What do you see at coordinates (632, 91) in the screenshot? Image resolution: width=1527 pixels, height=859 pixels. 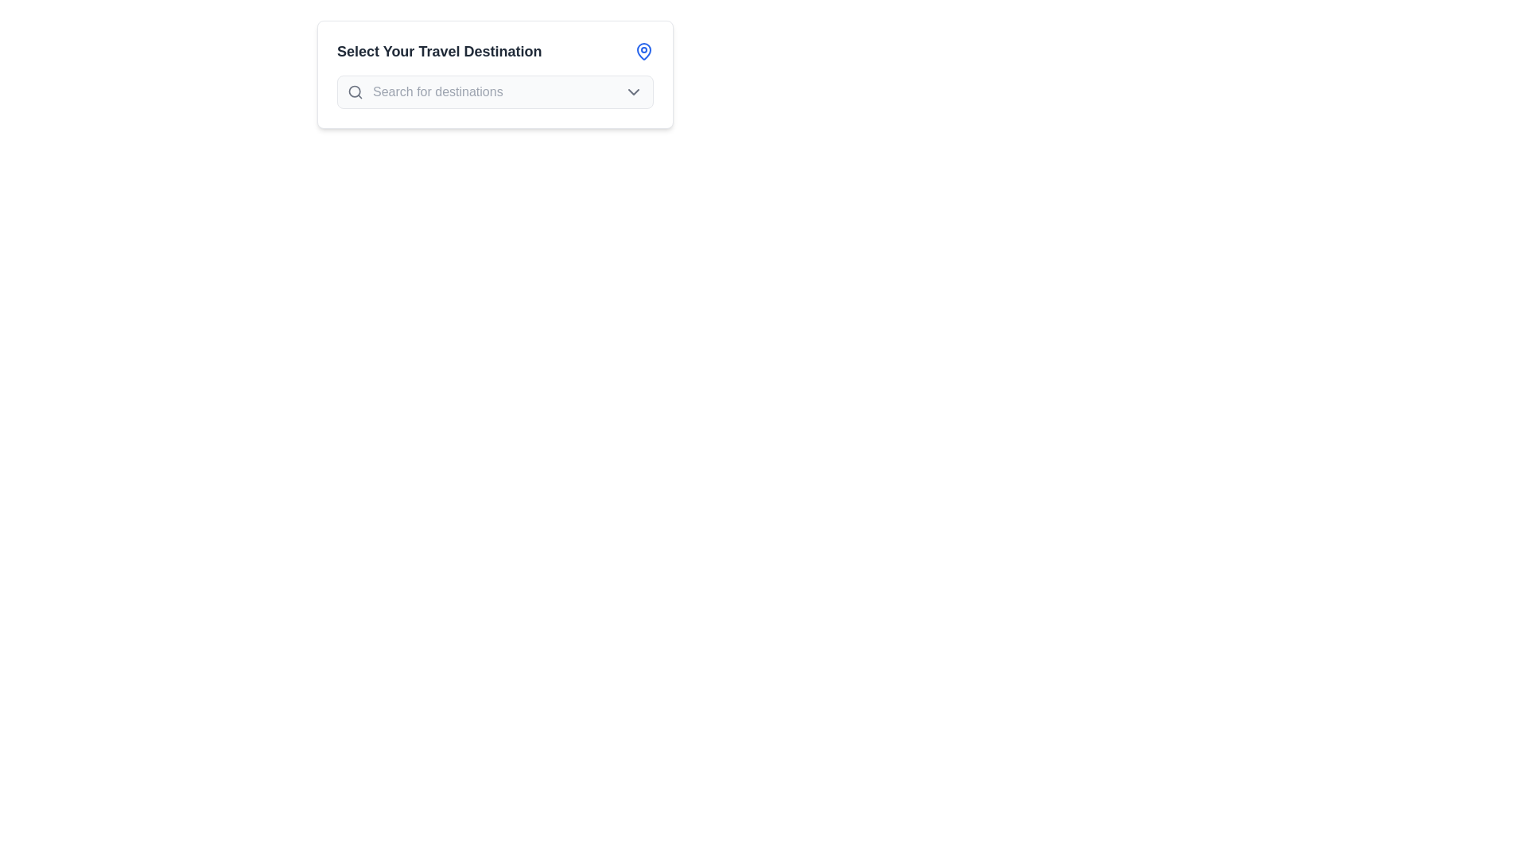 I see `the SVG icon representing the dropdown indicator for the collapsible dropdown menu in the search bar` at bounding box center [632, 91].